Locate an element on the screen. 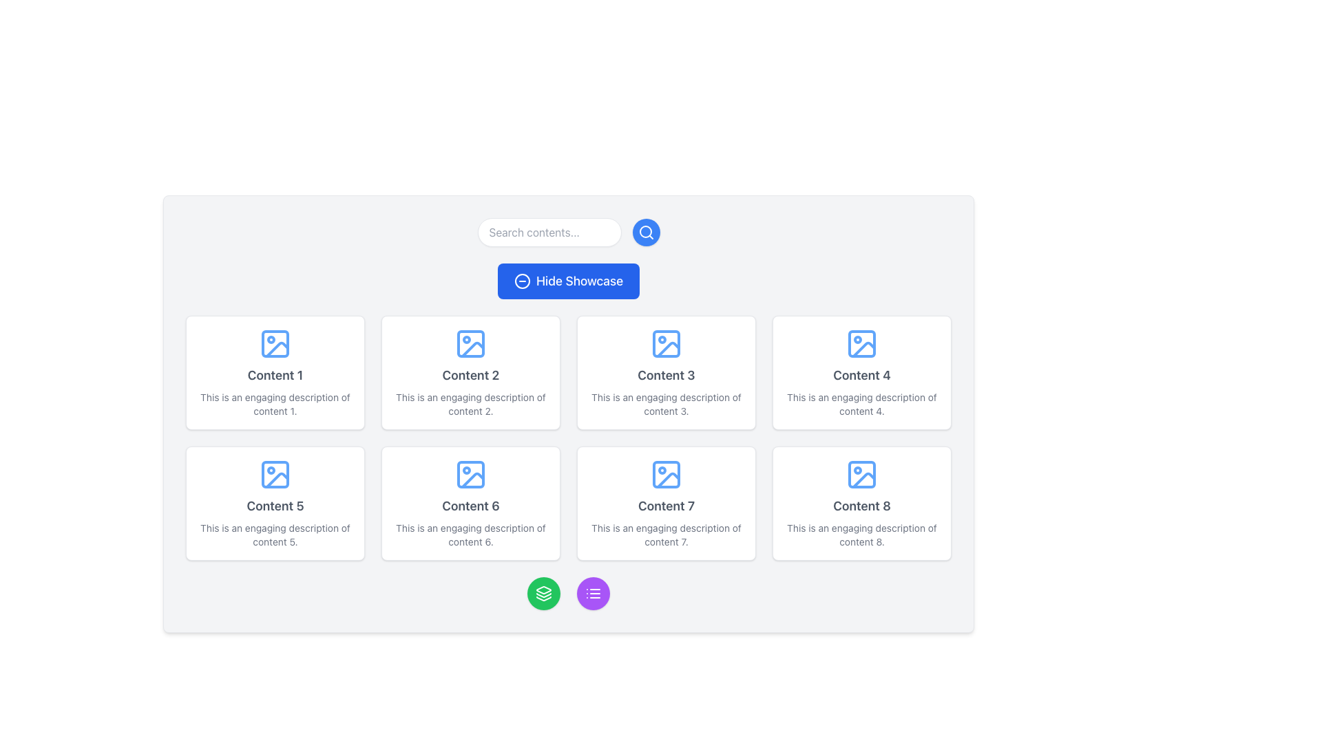 This screenshot has height=743, width=1322. title or summary text of content card 5, identified by the text label located in the second row and first column of the grid layout is located at coordinates (275, 506).